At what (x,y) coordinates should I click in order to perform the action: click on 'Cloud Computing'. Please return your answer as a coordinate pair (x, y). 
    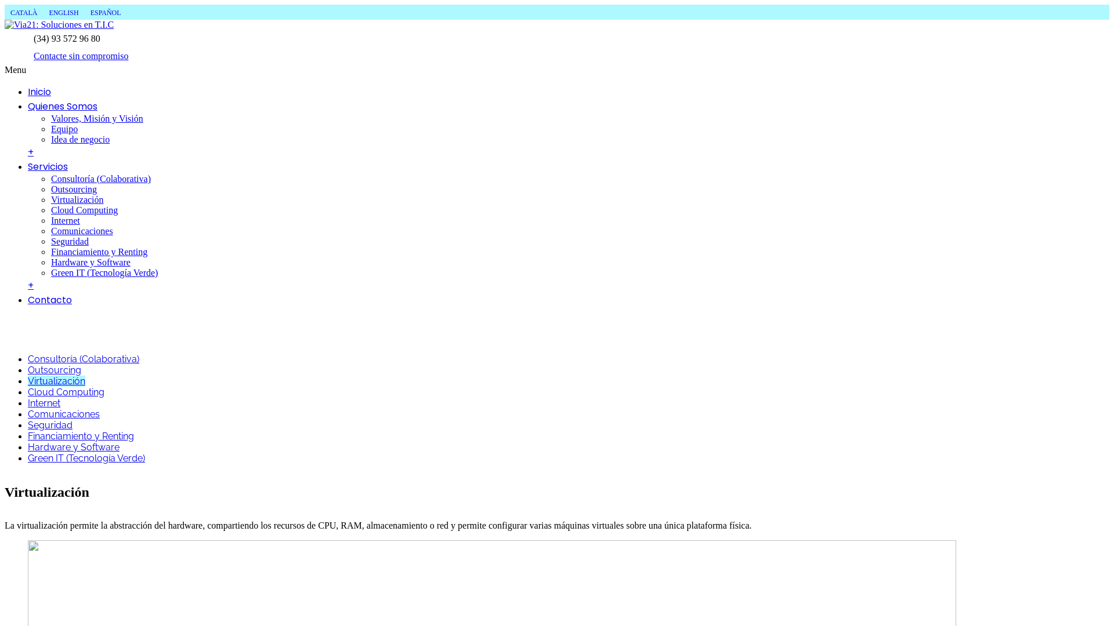
    Looking at the image, I should click on (84, 210).